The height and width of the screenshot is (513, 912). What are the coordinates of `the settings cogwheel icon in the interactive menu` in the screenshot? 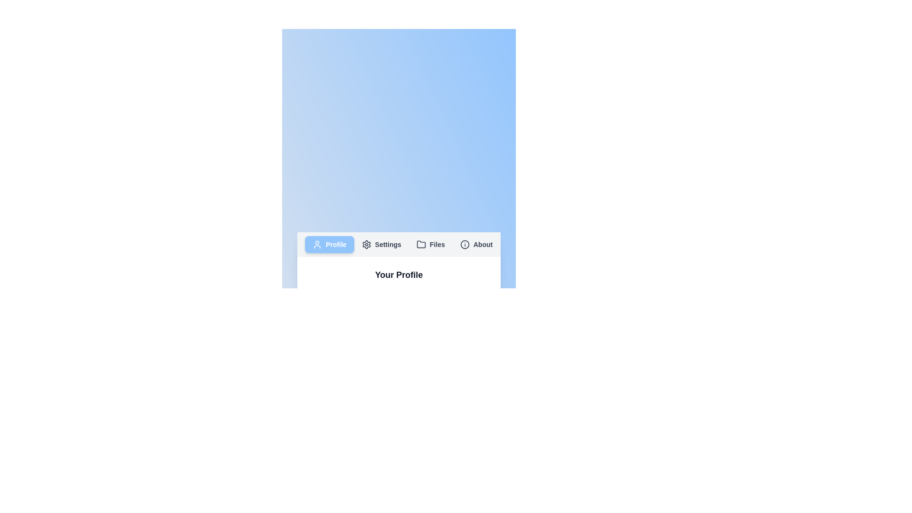 It's located at (366, 244).